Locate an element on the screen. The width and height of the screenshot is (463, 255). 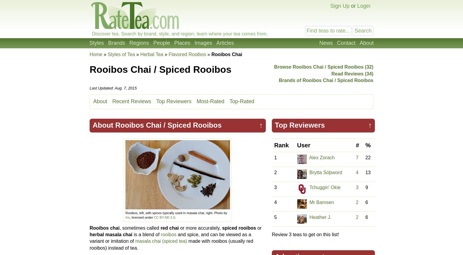
'#' is located at coordinates (356, 145).